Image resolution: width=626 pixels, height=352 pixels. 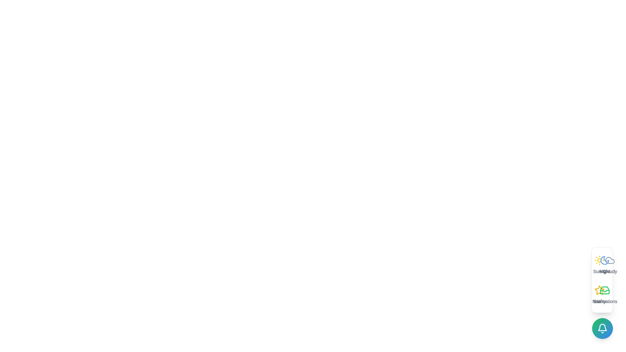 What do you see at coordinates (610, 265) in the screenshot?
I see `the option Cloudy to trigger its hover effect` at bounding box center [610, 265].